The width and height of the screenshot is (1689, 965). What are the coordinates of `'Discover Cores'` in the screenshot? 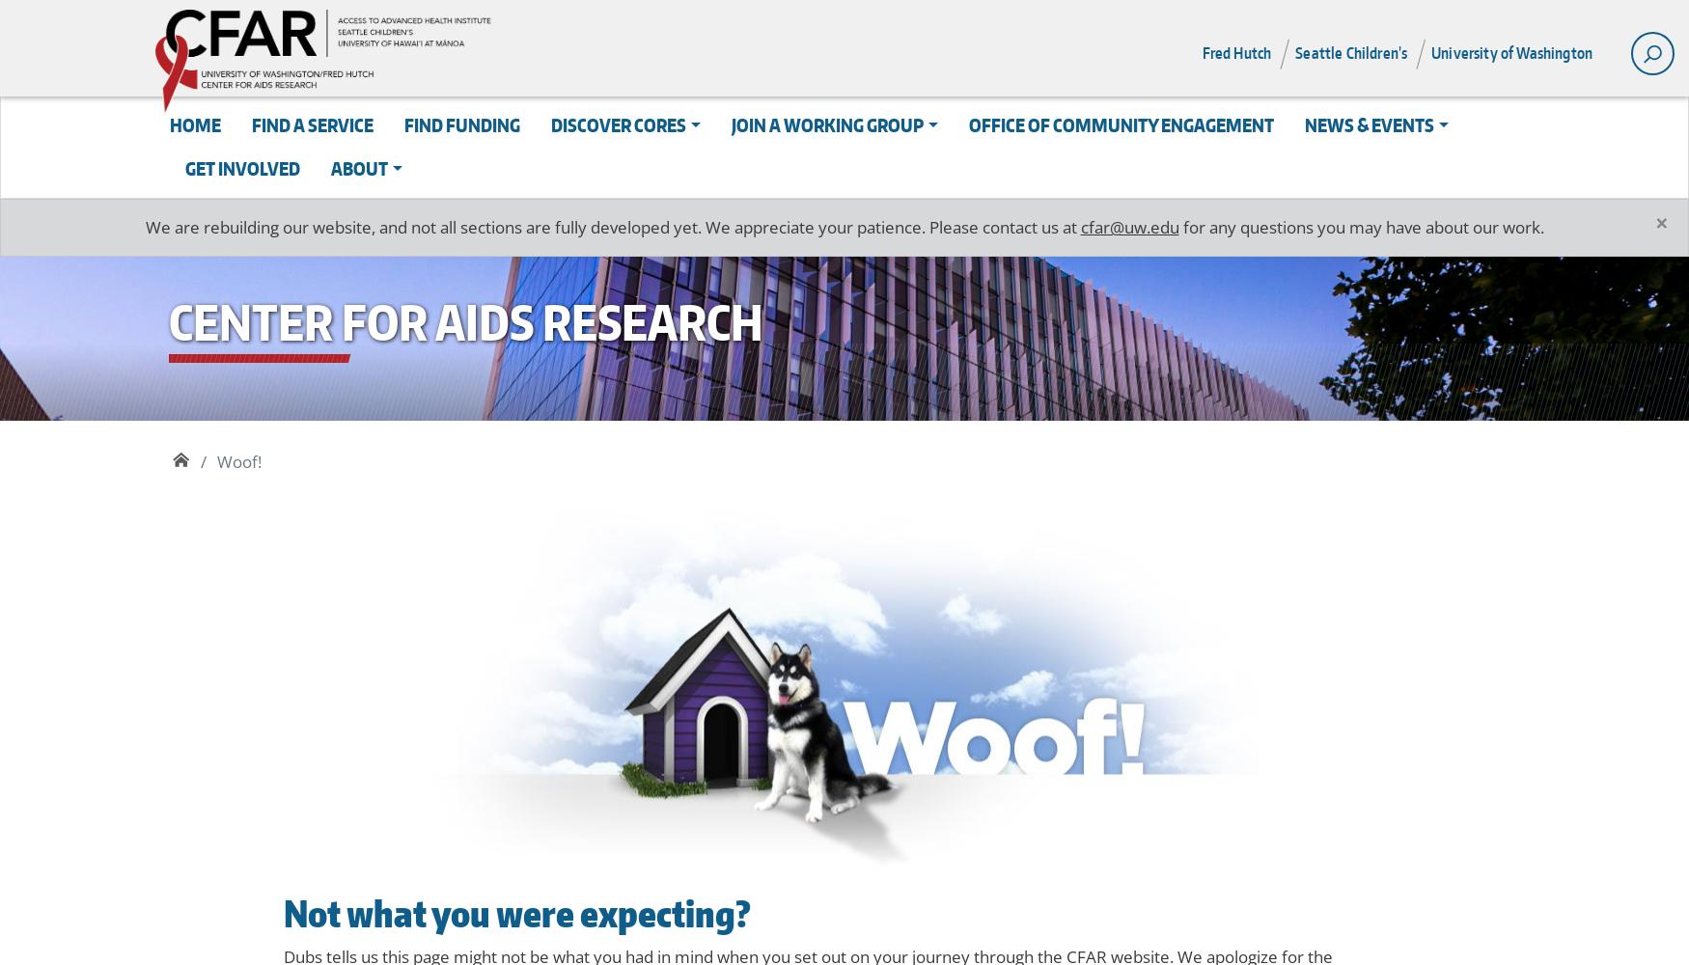 It's located at (618, 124).